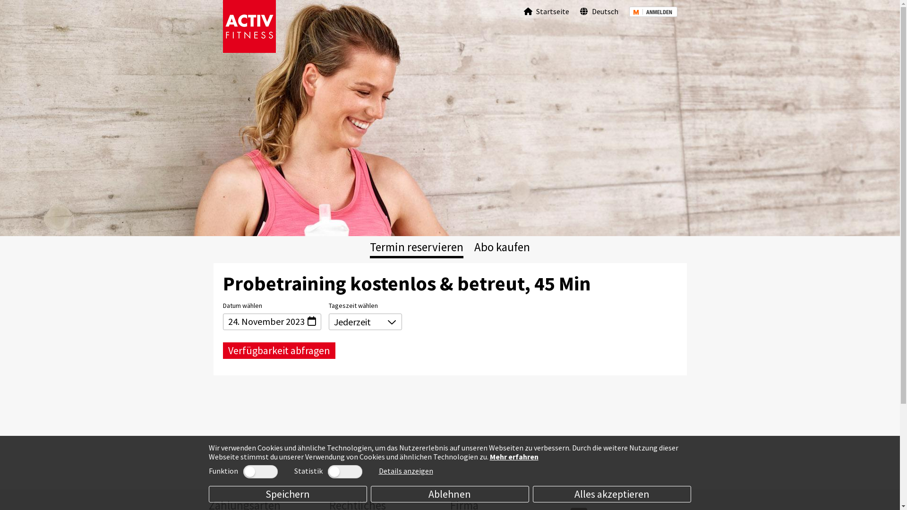 This screenshot has width=907, height=510. What do you see at coordinates (546, 11) in the screenshot?
I see `'Startseite'` at bounding box center [546, 11].